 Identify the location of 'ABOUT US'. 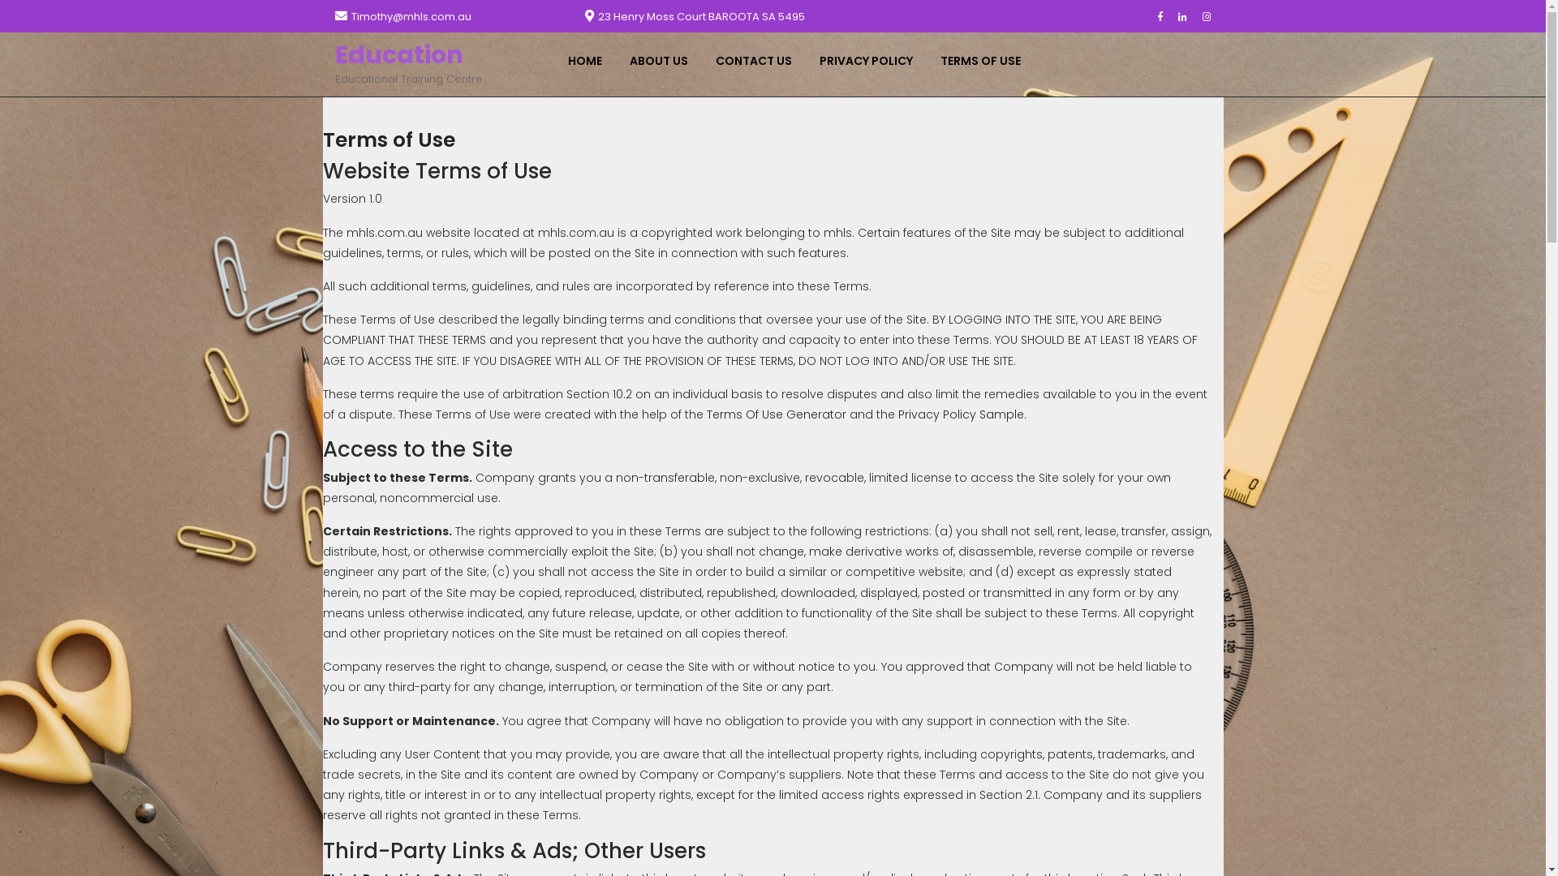
(662, 60).